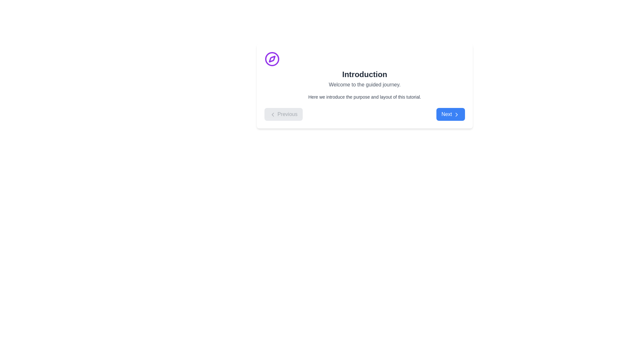  I want to click on text block containing the sentence 'Here we introduce the purpose and layout of this tutorial.', which is styled with a smaller gray font and is positioned below the introductory lines of text, so click(364, 97).